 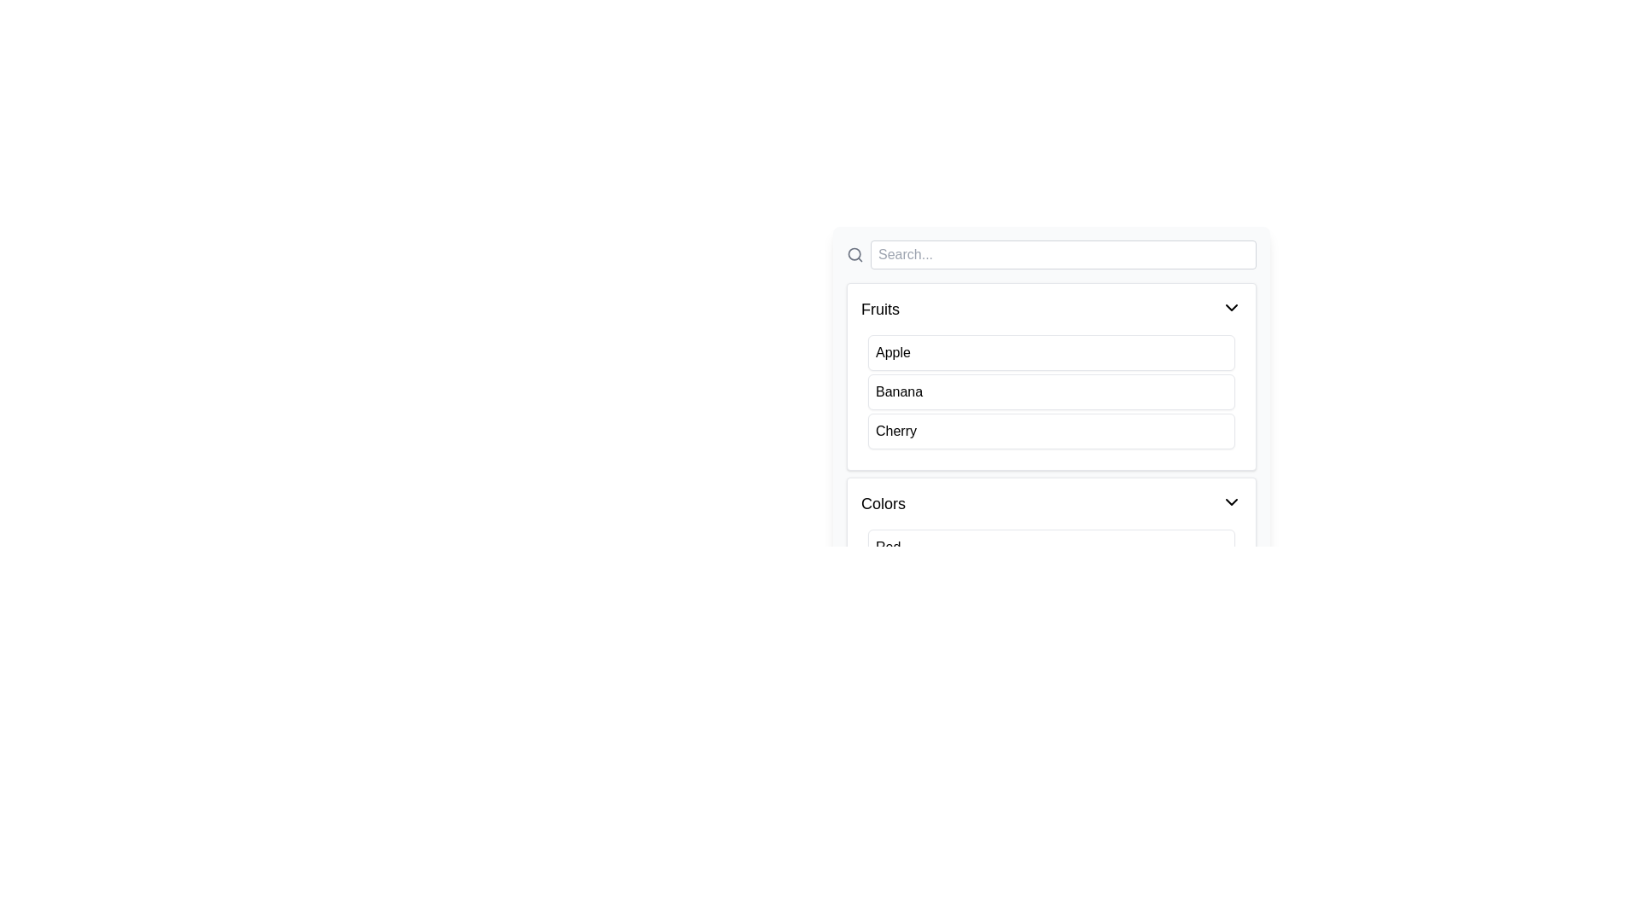 What do you see at coordinates (1232, 308) in the screenshot?
I see `the chevron icon located to the right of the 'Fruits' label` at bounding box center [1232, 308].